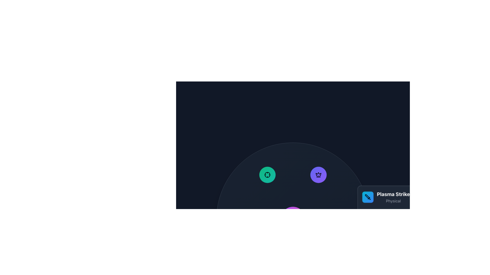 The image size is (490, 275). I want to click on the 'Plasma Strike' text and icon display with a gradient cyan to blue background, so click(402, 197).